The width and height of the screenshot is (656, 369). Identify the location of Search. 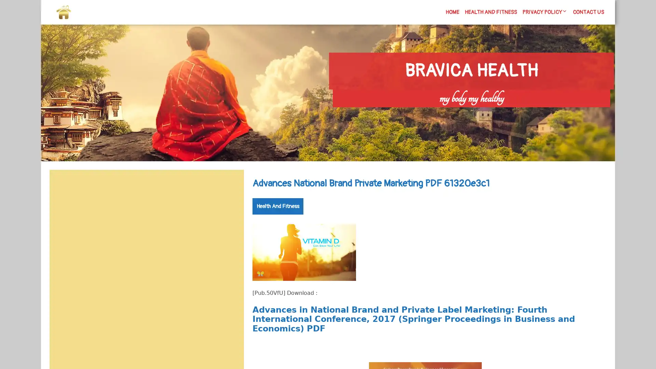
(228, 186).